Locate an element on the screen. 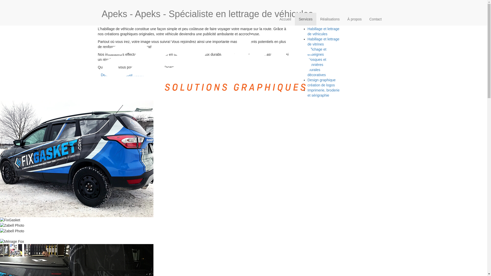 This screenshot has width=491, height=276. 'Affichage et is located at coordinates (316, 52).